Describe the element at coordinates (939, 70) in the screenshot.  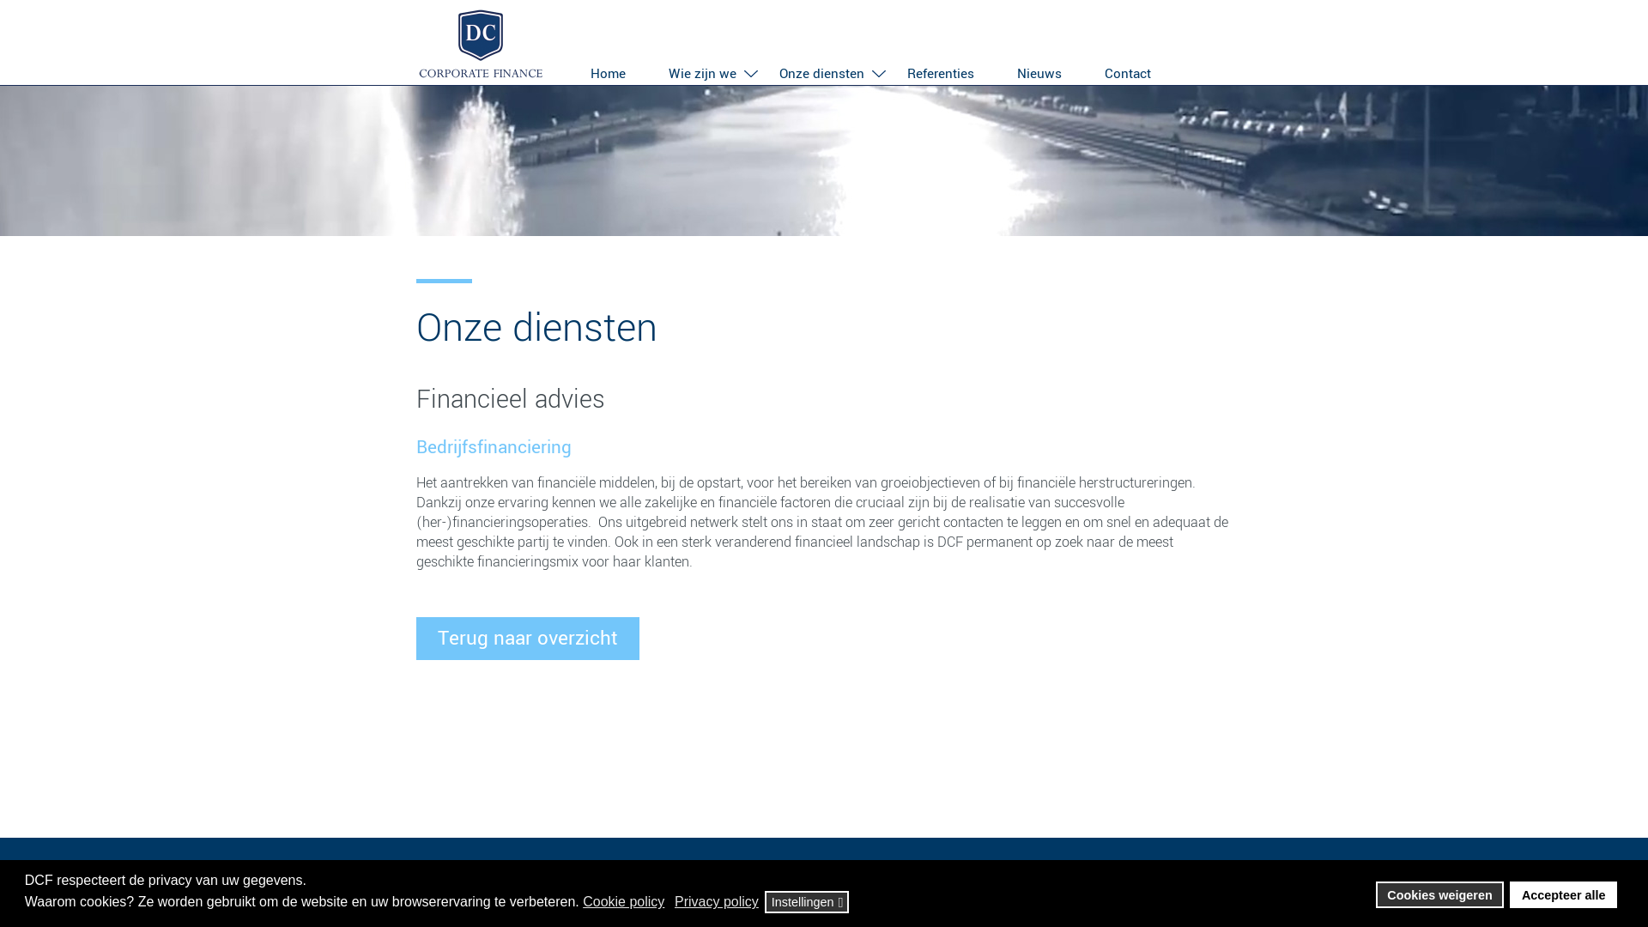
I see `'Referenties'` at that location.